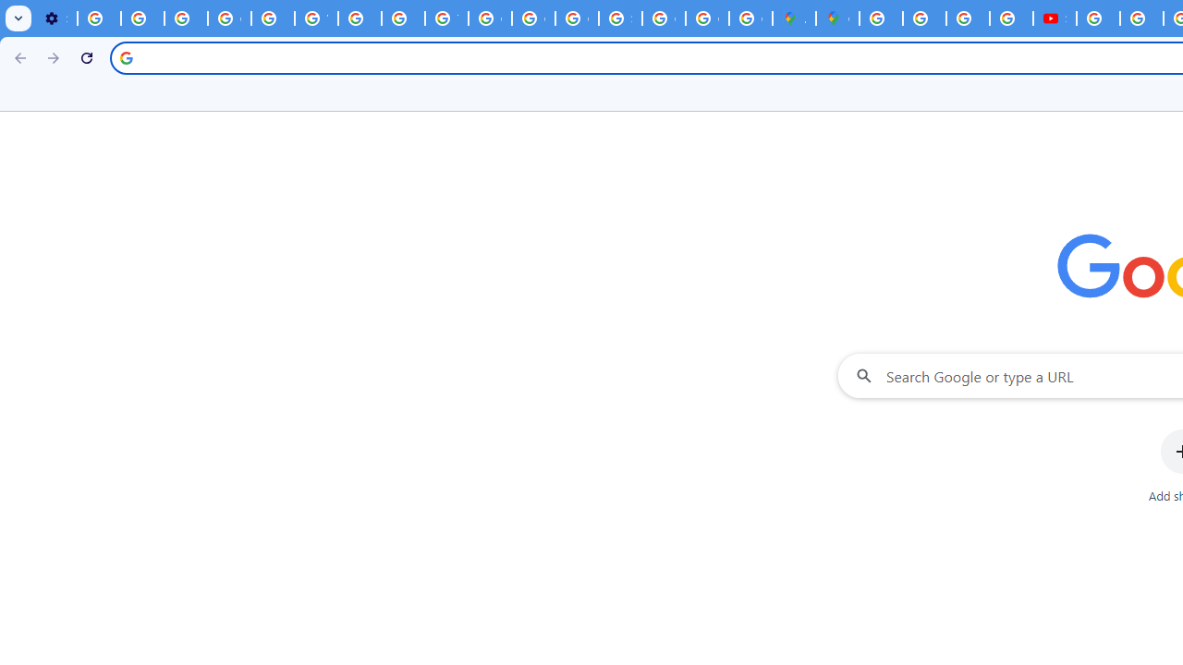 The width and height of the screenshot is (1183, 665). I want to click on 'Delete photos & videos - Computer - Google Photos Help', so click(98, 18).